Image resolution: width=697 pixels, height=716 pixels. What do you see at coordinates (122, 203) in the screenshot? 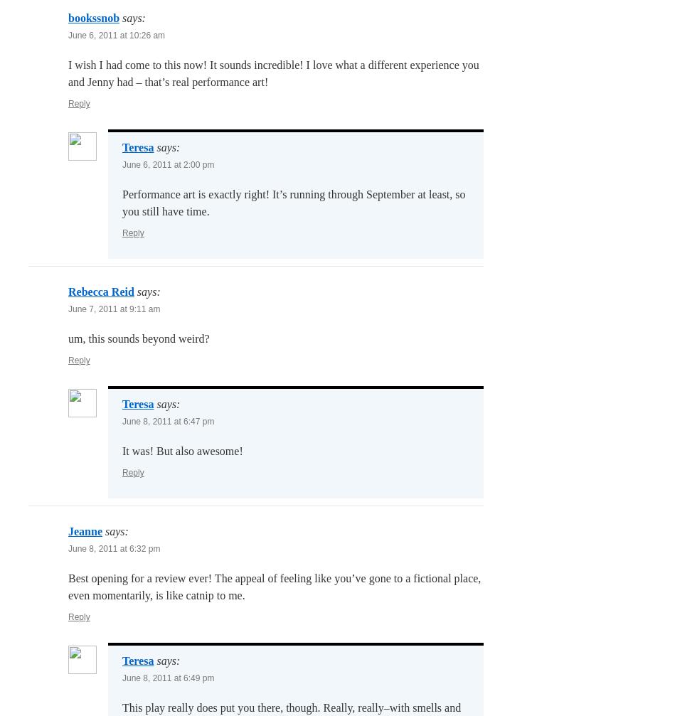
I see `'Performance art is exactly right! It’s running through September at least, so you still have time.'` at bounding box center [122, 203].